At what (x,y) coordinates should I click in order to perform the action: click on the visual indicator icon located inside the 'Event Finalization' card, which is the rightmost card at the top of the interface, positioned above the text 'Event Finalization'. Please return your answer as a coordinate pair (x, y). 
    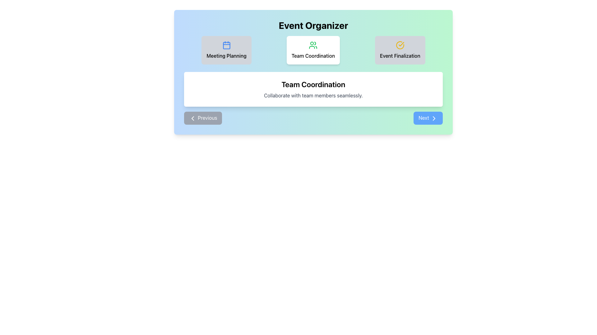
    Looking at the image, I should click on (400, 45).